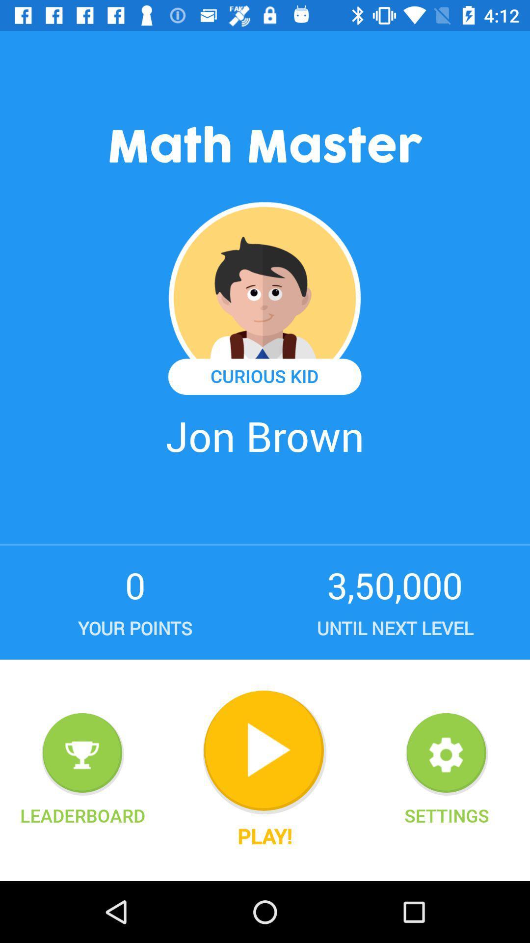 The image size is (530, 943). Describe the element at coordinates (264, 752) in the screenshot. I see `icon to the right of the leaderboard icon` at that location.